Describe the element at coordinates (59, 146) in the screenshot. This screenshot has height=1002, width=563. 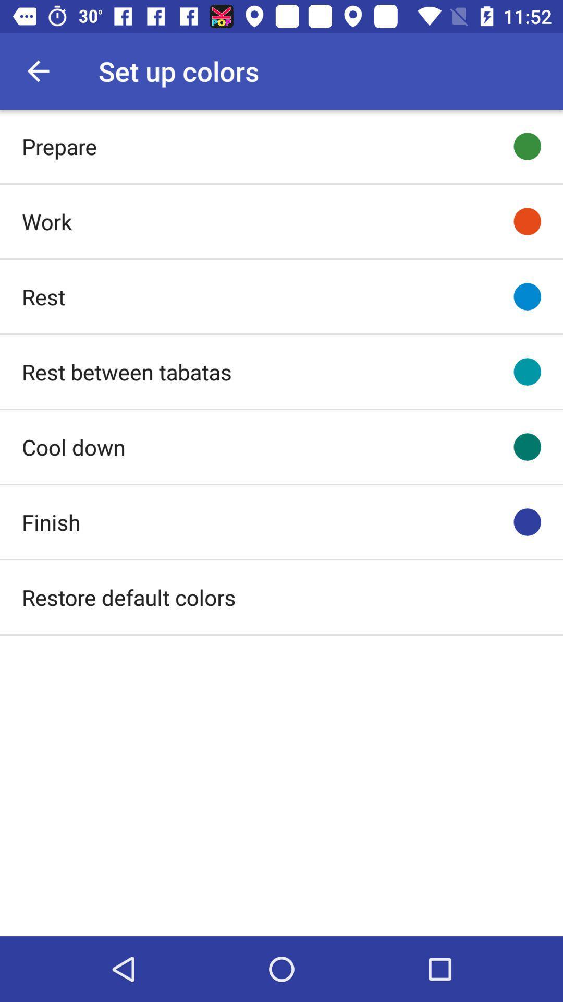
I see `item above work icon` at that location.